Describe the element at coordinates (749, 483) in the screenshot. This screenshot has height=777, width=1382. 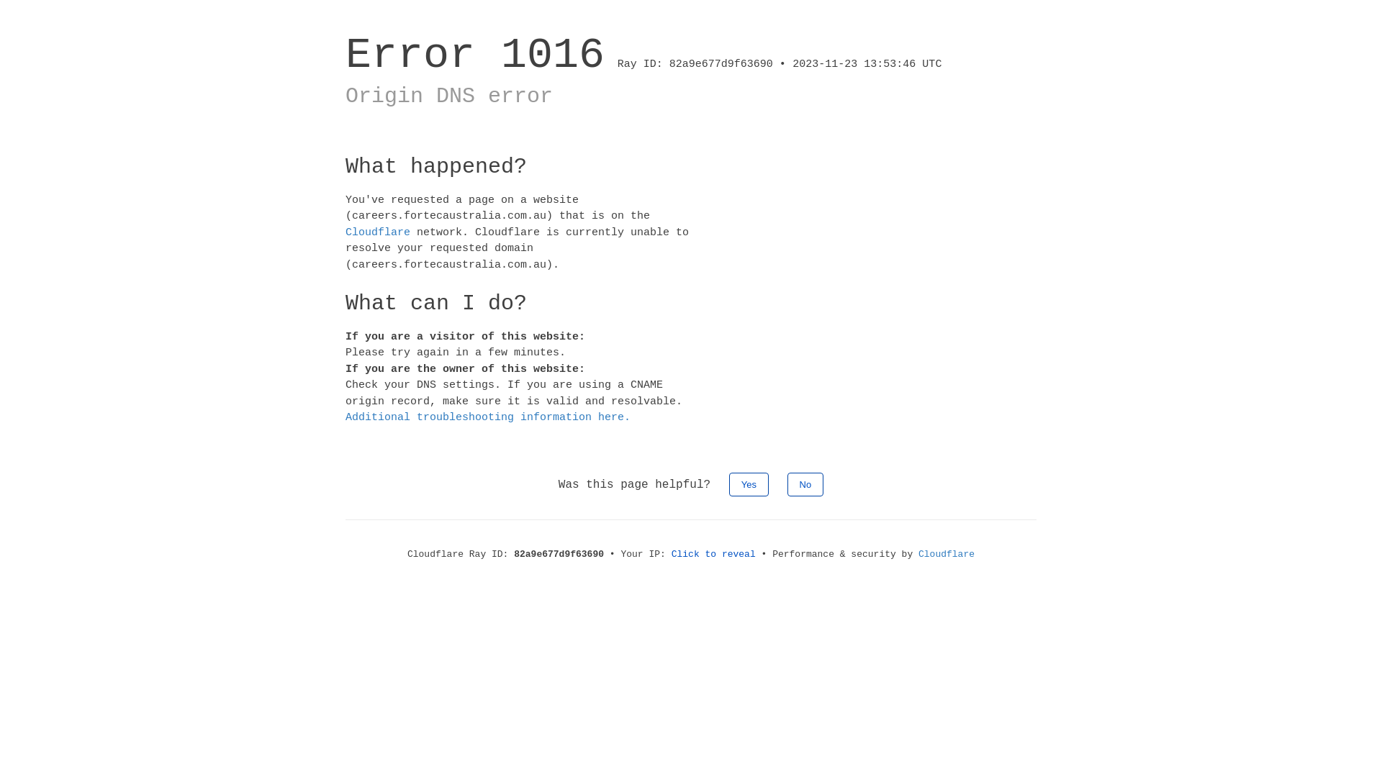
I see `'Yes'` at that location.